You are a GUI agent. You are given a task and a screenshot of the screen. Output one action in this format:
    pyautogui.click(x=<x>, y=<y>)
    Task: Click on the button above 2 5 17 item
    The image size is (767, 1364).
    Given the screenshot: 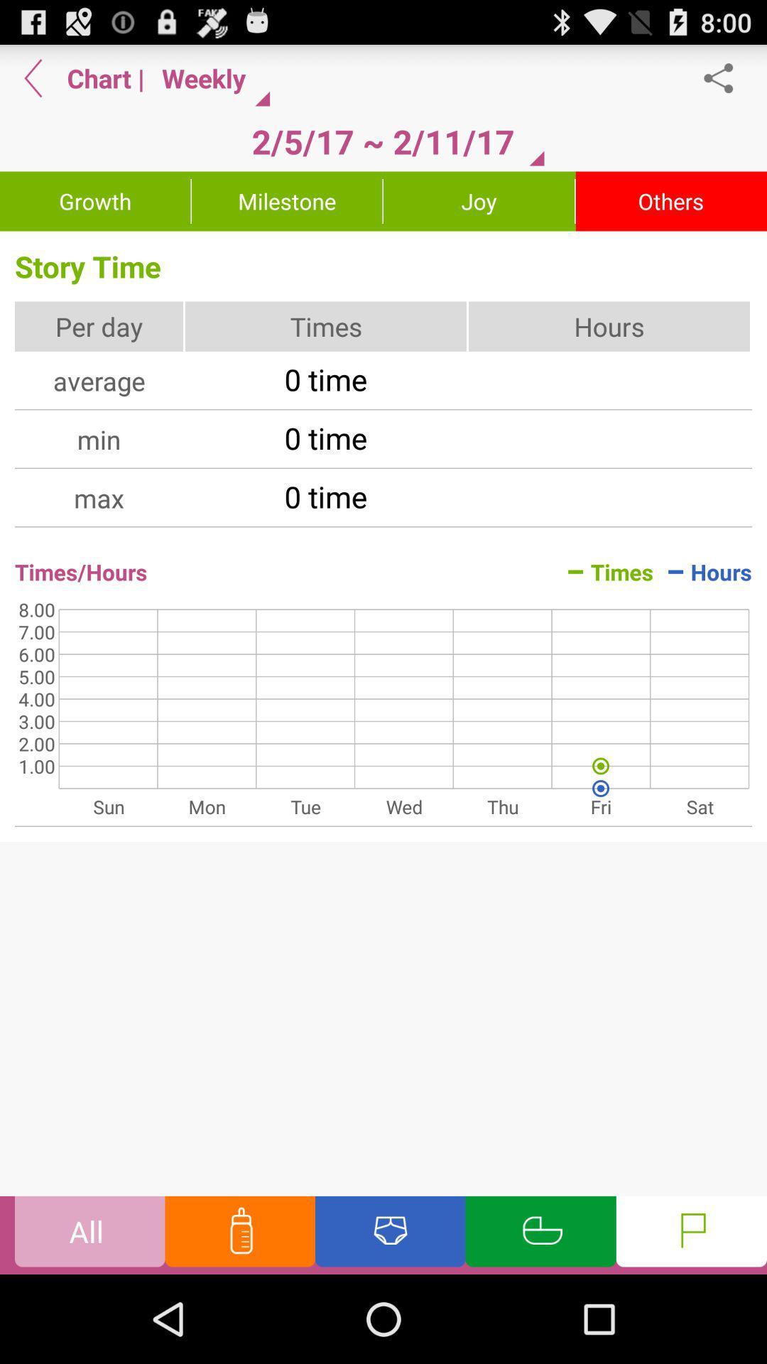 What is the action you would take?
    pyautogui.click(x=210, y=77)
    